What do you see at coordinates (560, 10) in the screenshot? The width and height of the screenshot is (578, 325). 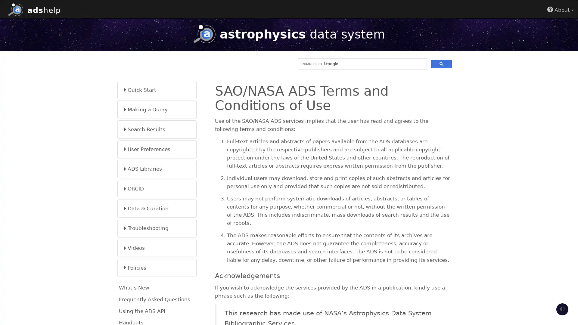 I see `About` at bounding box center [560, 10].